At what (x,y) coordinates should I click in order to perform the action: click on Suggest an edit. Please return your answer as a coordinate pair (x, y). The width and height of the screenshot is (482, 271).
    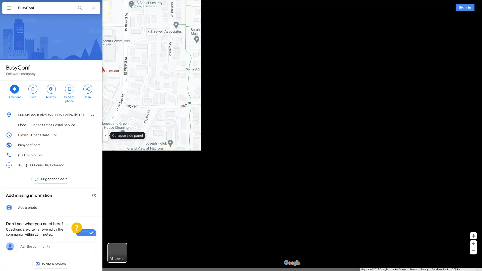
    Looking at the image, I should click on (51, 179).